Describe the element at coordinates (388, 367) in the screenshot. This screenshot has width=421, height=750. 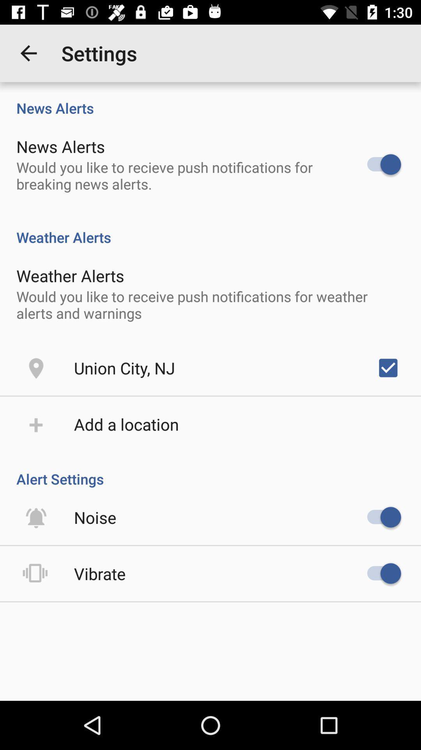
I see `icon below the would you like` at that location.